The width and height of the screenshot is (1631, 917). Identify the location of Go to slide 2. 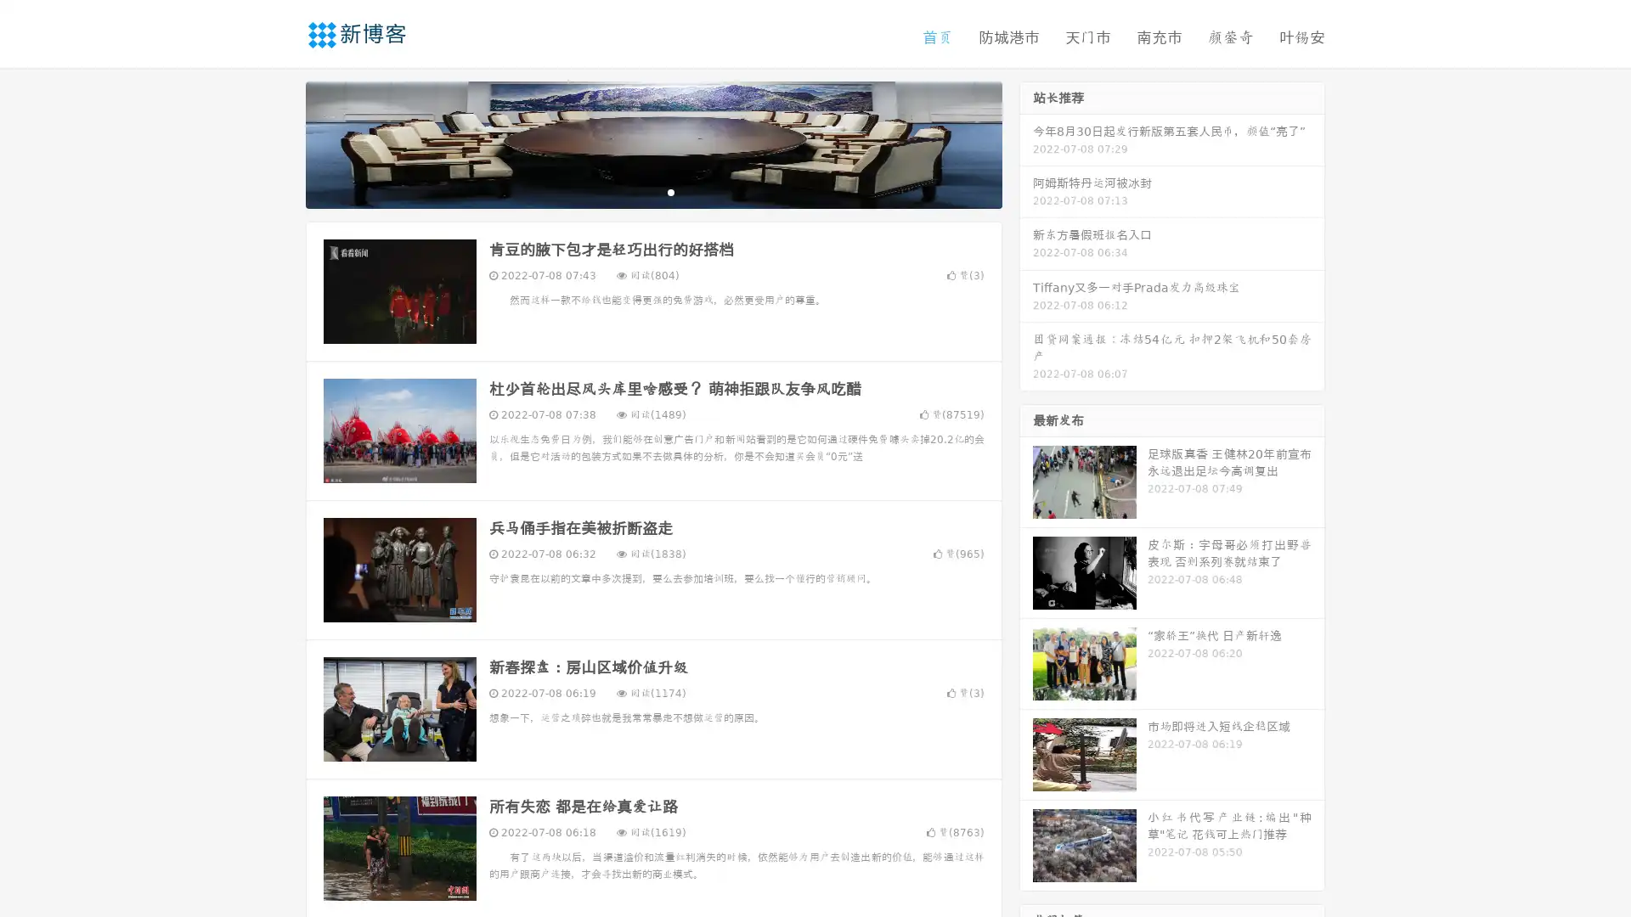
(652, 191).